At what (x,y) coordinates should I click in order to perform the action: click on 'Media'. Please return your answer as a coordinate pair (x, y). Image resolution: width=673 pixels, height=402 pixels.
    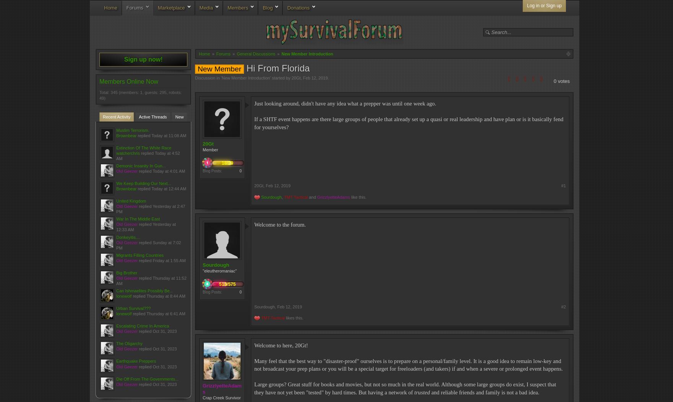
    Looking at the image, I should click on (206, 8).